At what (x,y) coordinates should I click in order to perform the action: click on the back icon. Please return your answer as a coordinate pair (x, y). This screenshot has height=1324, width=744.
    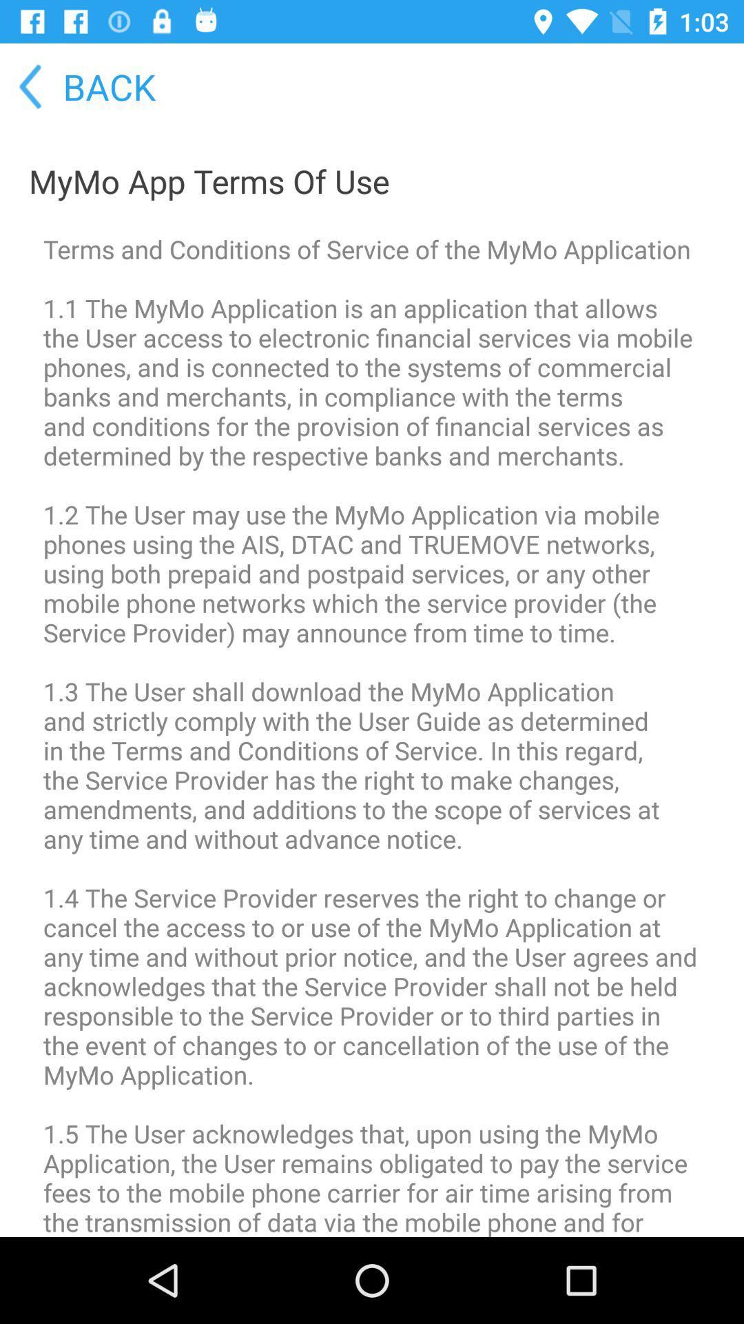
    Looking at the image, I should click on (79, 86).